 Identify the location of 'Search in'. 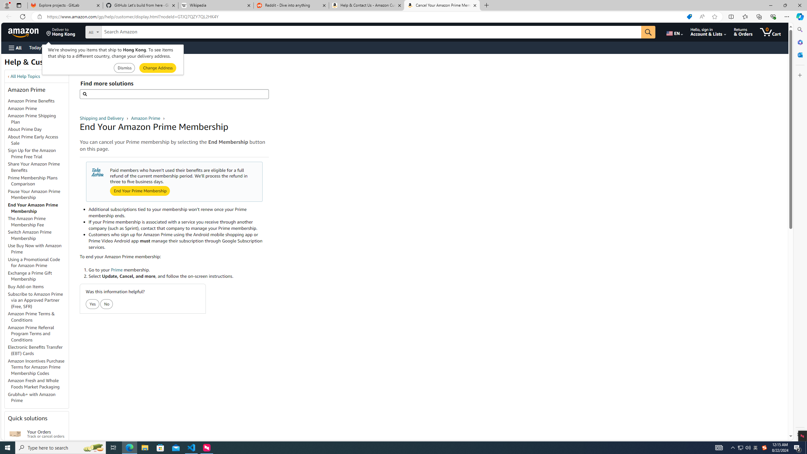
(117, 31).